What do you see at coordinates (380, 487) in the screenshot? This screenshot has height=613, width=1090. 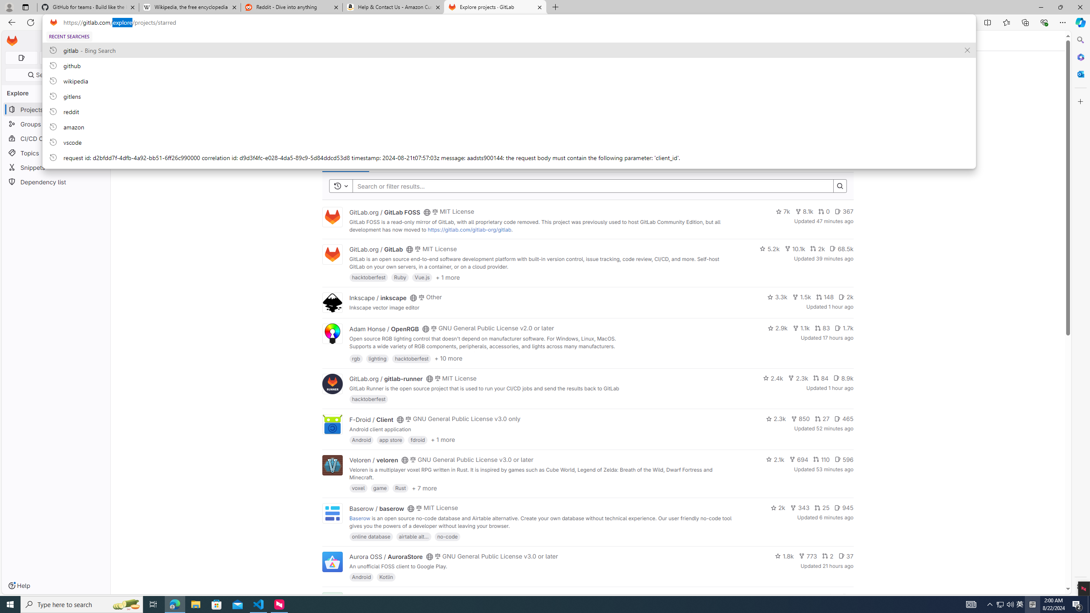 I see `'game'` at bounding box center [380, 487].